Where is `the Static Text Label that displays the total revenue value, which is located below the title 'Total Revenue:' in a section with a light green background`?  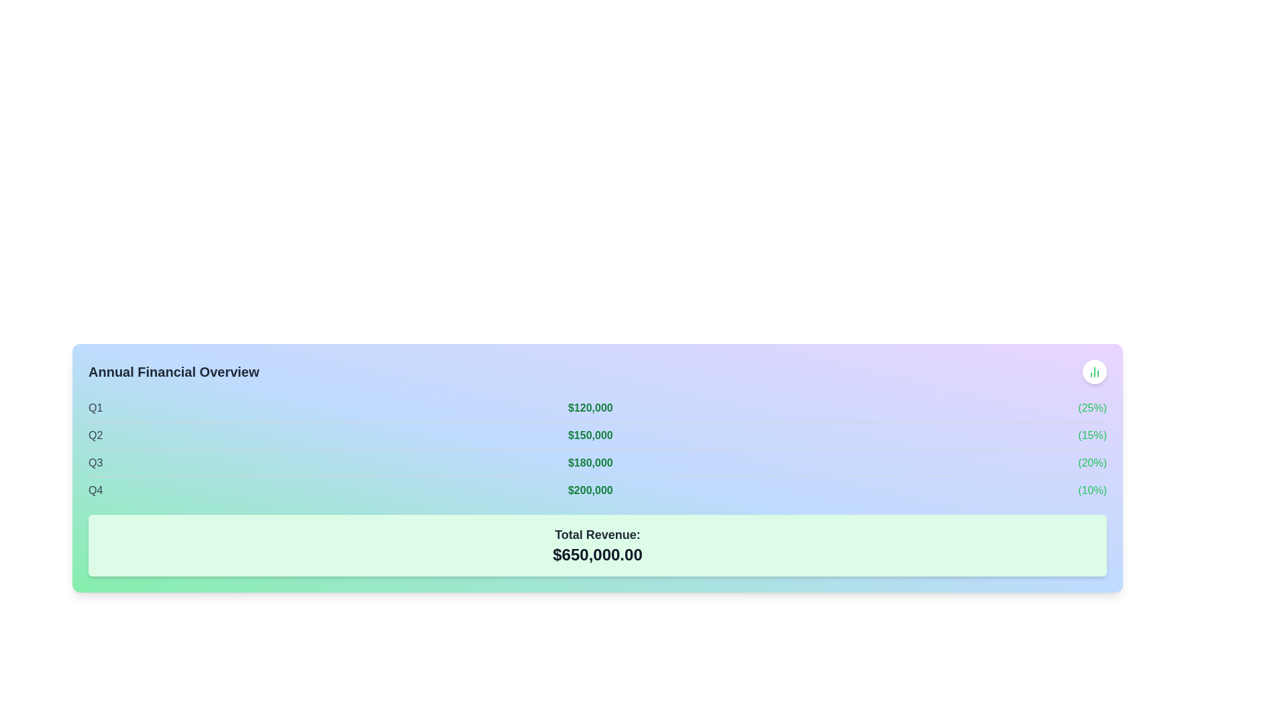 the Static Text Label that displays the total revenue value, which is located below the title 'Total Revenue:' in a section with a light green background is located at coordinates (597, 555).